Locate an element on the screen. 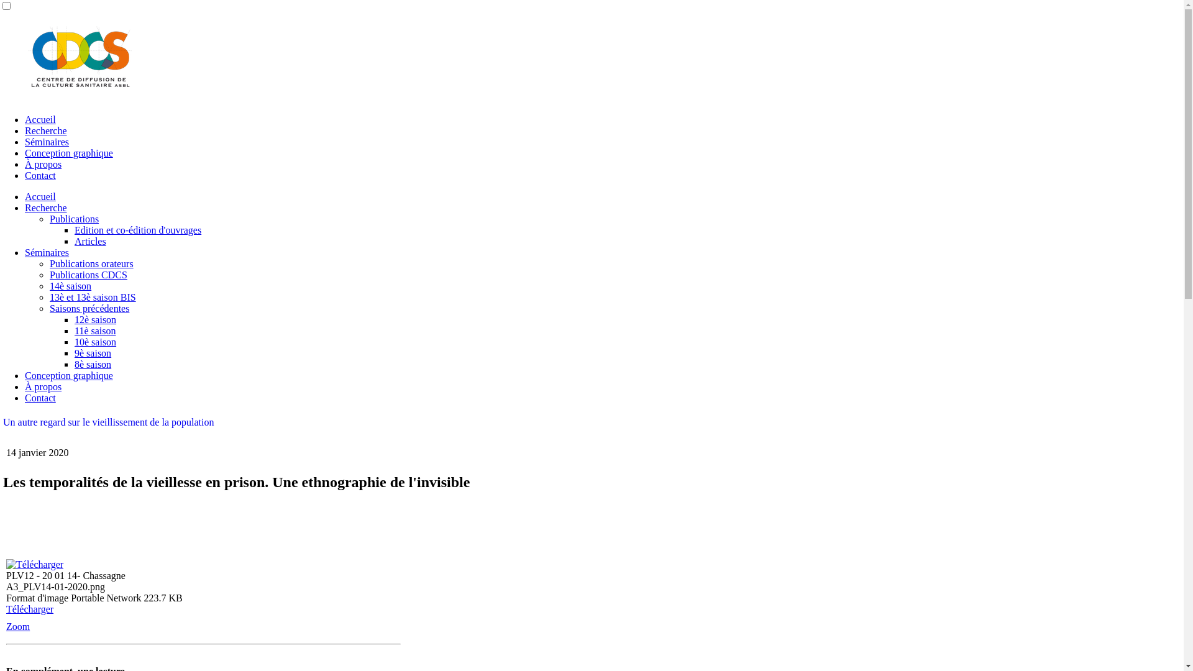 The height and width of the screenshot is (671, 1193). 'Publications orateurs' is located at coordinates (91, 263).